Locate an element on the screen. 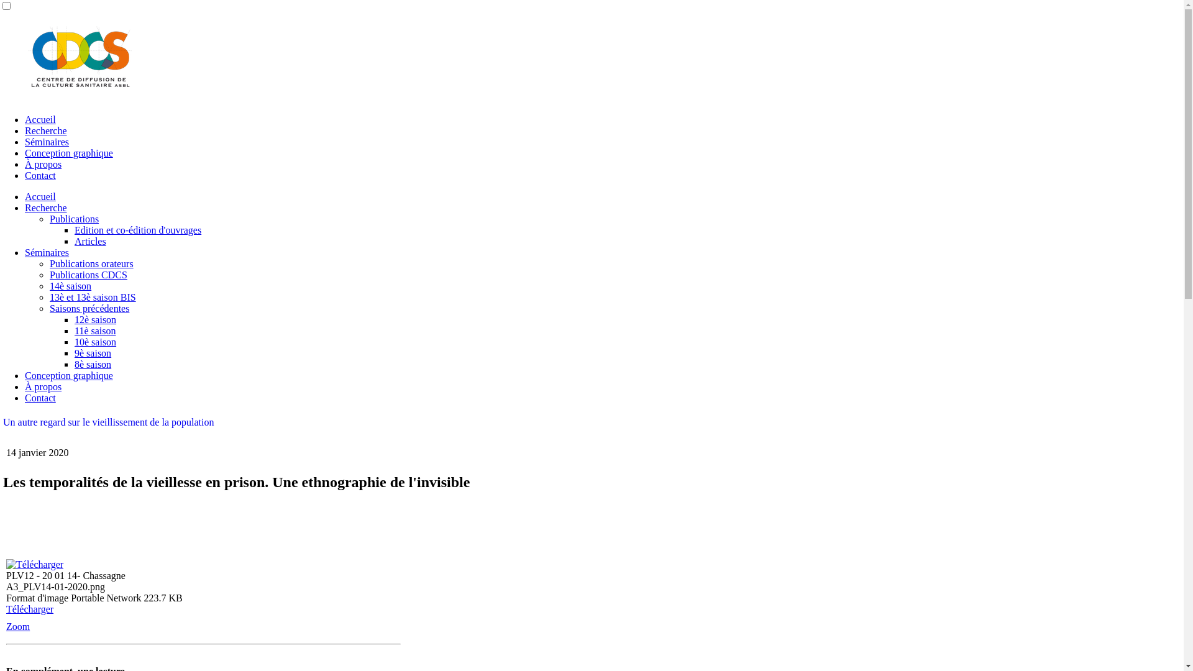 The height and width of the screenshot is (671, 1193). 'Publications orateurs' is located at coordinates (91, 263).